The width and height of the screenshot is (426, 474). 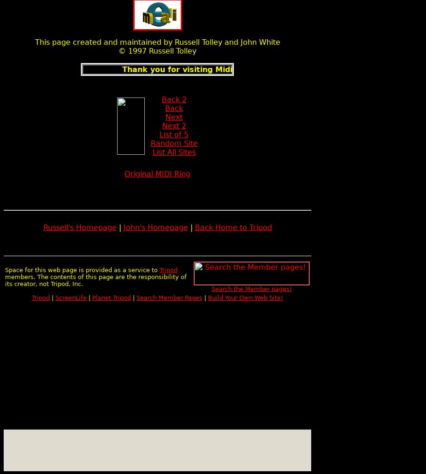 What do you see at coordinates (82, 269) in the screenshot?
I see `'Space for this web page is provided as a service to'` at bounding box center [82, 269].